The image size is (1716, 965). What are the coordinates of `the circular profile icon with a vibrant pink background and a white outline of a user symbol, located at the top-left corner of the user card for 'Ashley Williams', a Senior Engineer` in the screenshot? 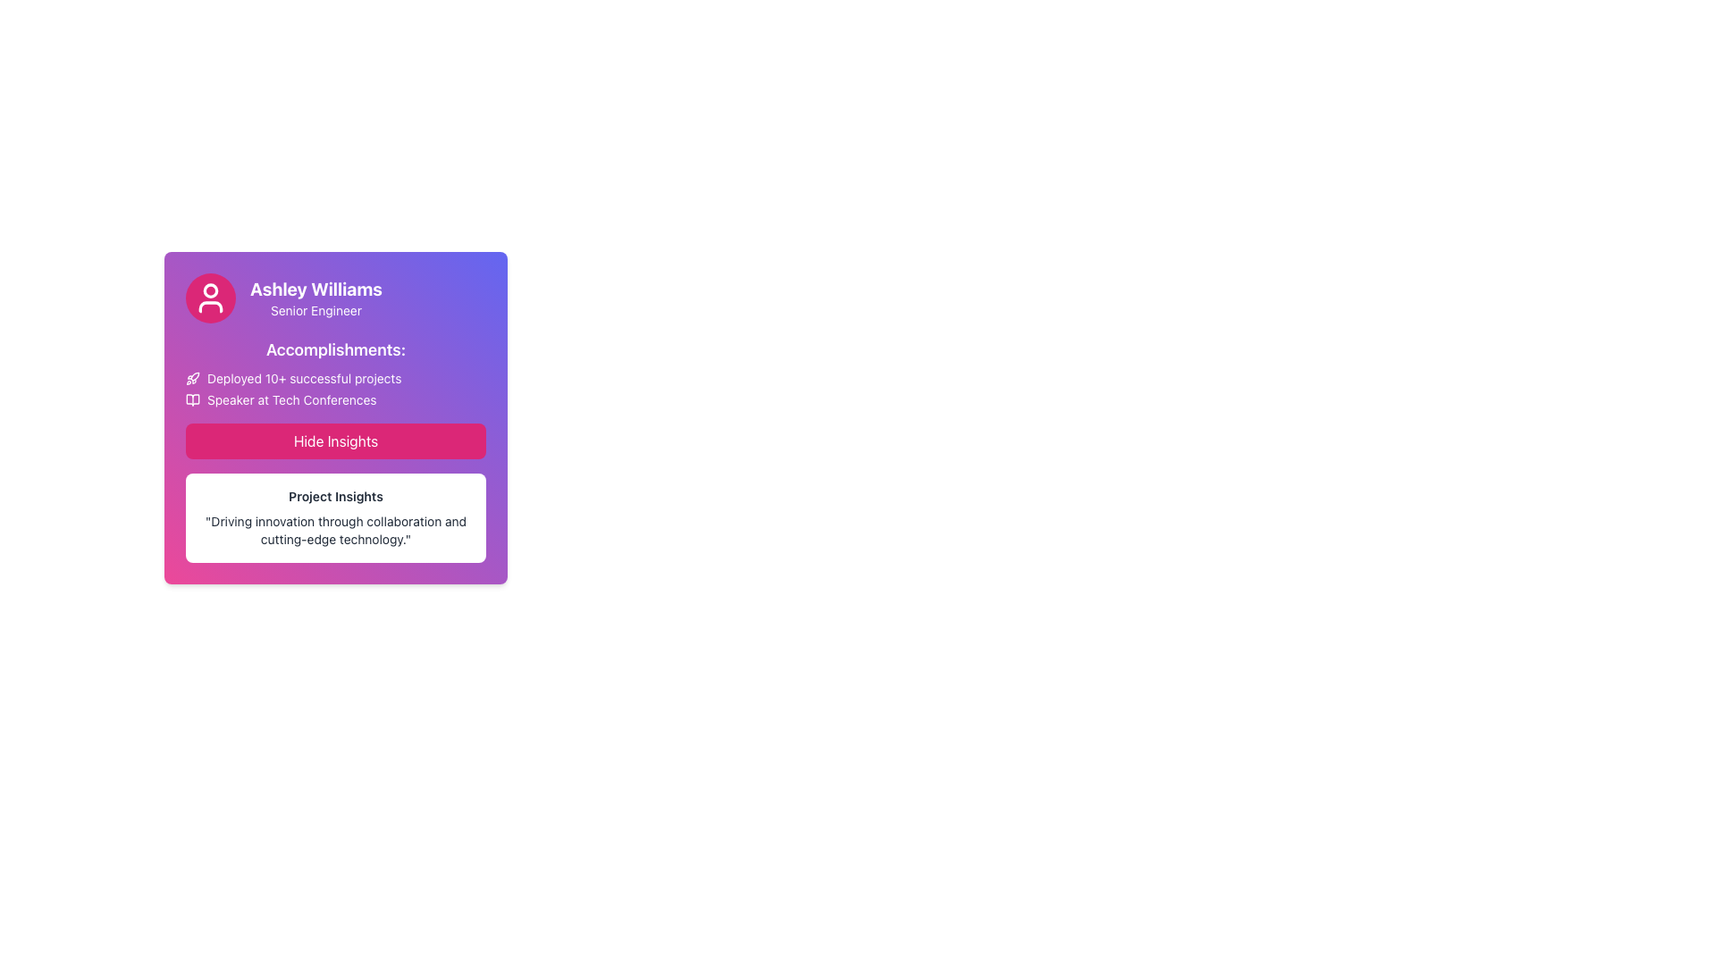 It's located at (210, 298).